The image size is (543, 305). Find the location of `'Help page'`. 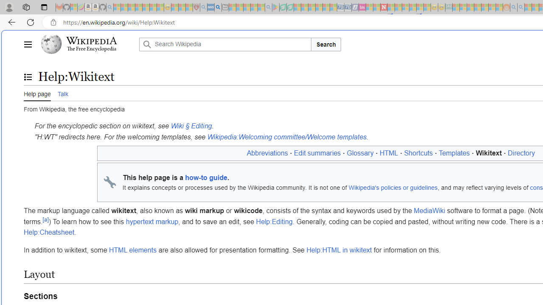

'Help page' is located at coordinates (37, 93).